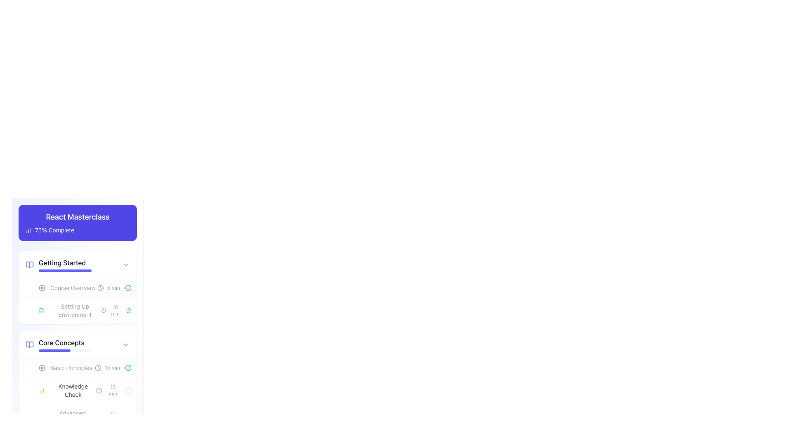 The image size is (792, 445). I want to click on the visual state of the lock icon located in the bottom right corner of the 'Knowledge Check' section, below the '10 min' time label, so click(128, 417).